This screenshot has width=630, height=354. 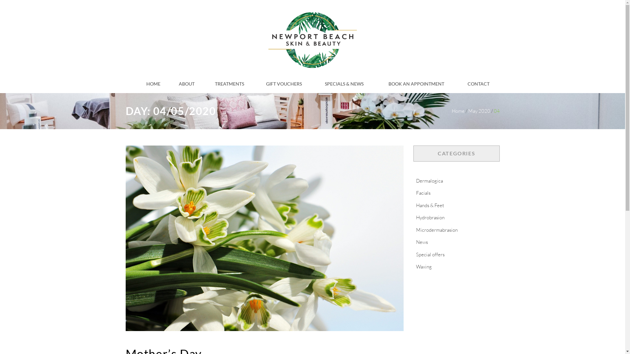 I want to click on 'May 2020', so click(x=467, y=110).